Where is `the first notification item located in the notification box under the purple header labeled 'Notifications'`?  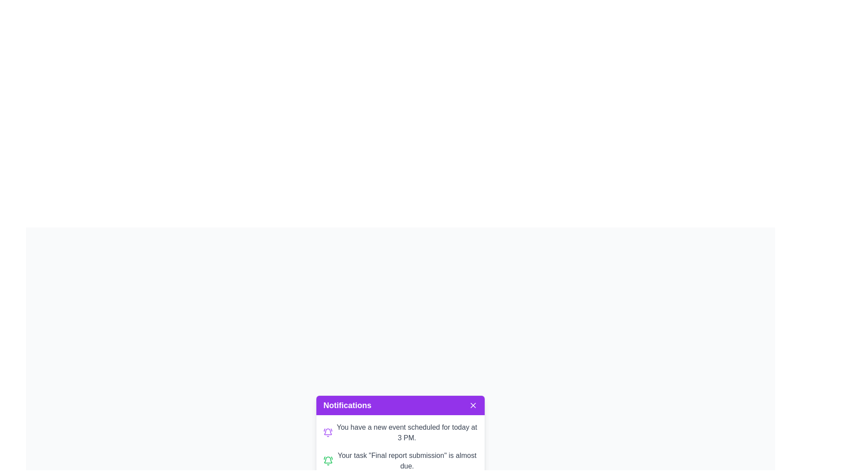
the first notification item located in the notification box under the purple header labeled 'Notifications' is located at coordinates (400, 431).